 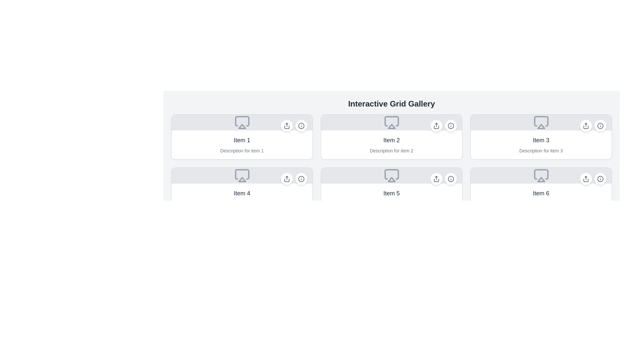 I want to click on the static text block representing the second item in the grid's first row, which showcases content or items, so click(x=391, y=145).